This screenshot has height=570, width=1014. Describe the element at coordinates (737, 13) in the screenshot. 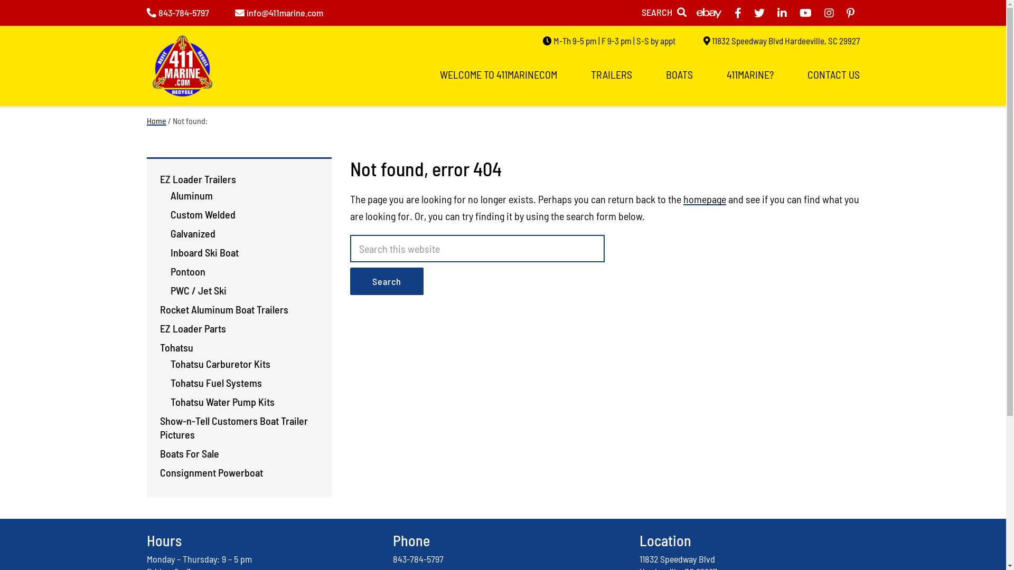

I see `'Facebook'` at that location.